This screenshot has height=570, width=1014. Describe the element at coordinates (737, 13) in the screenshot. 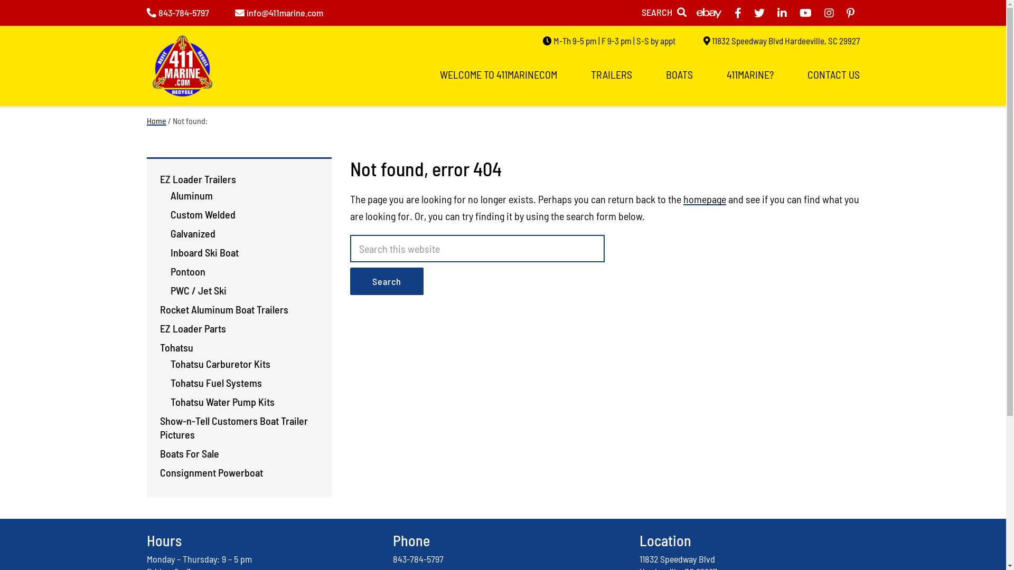

I see `'Facebook'` at that location.